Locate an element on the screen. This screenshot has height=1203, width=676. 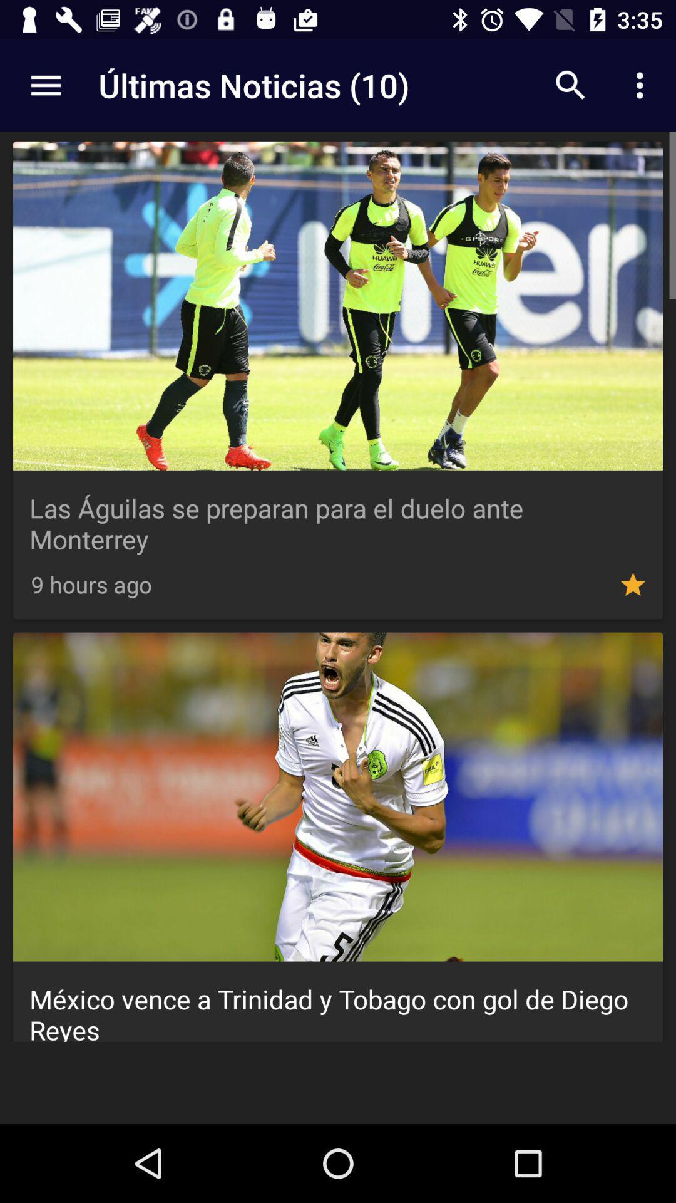
the icon at the top left corner is located at coordinates (45, 85).